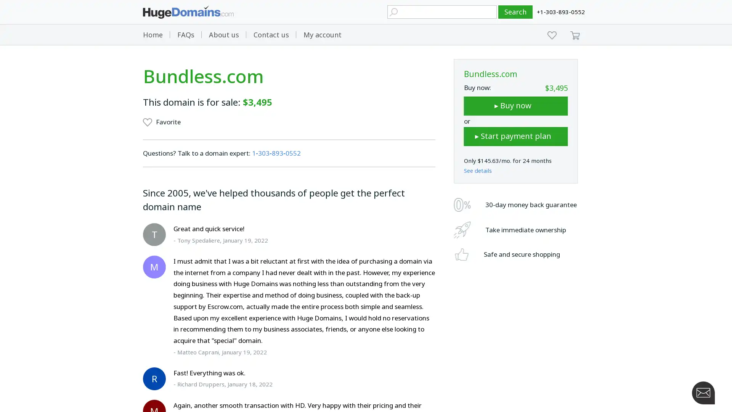  Describe the element at coordinates (515, 12) in the screenshot. I see `Search` at that location.